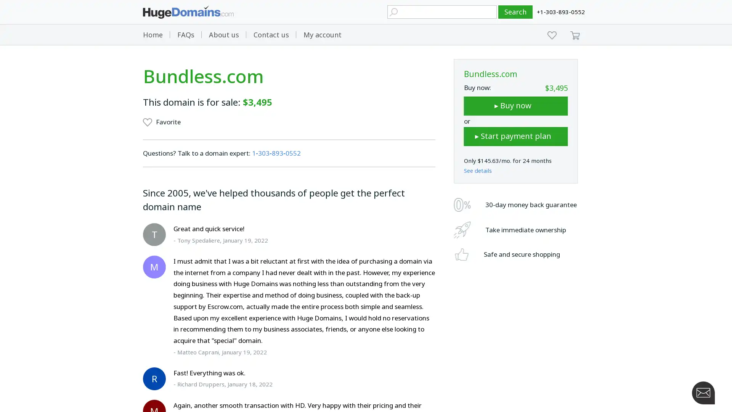  Describe the element at coordinates (515, 12) in the screenshot. I see `Search` at that location.